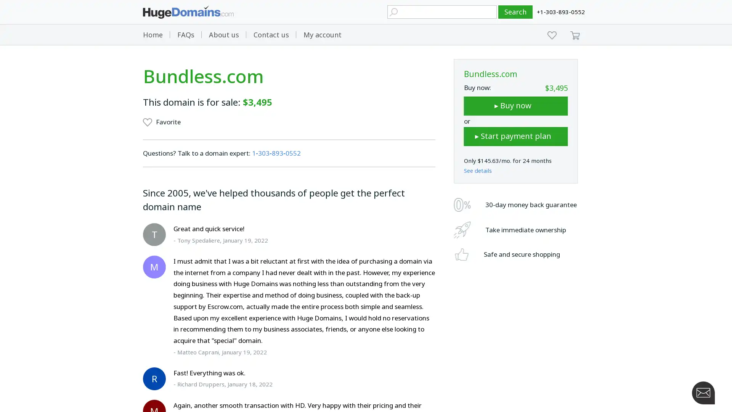  Describe the element at coordinates (515, 12) in the screenshot. I see `Search` at that location.